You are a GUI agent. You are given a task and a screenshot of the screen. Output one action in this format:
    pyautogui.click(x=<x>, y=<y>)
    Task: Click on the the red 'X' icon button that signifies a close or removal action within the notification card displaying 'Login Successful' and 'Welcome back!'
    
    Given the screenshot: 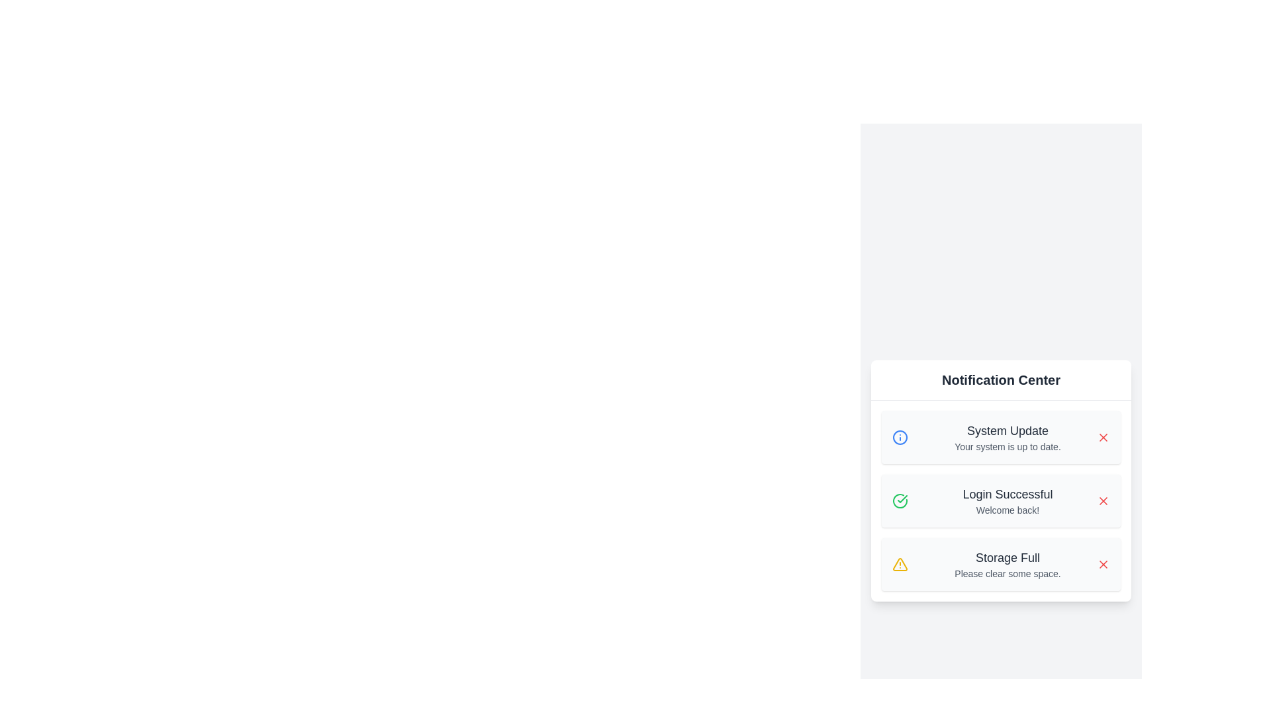 What is the action you would take?
    pyautogui.click(x=1103, y=500)
    